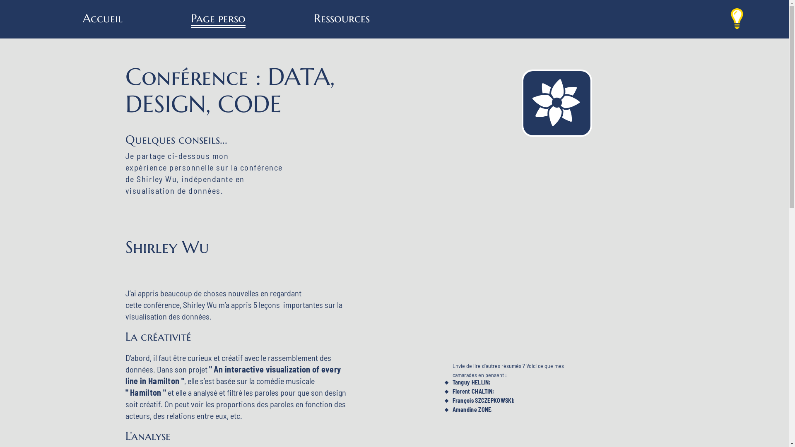 The image size is (795, 447). I want to click on '" Hamilton "', so click(145, 392).